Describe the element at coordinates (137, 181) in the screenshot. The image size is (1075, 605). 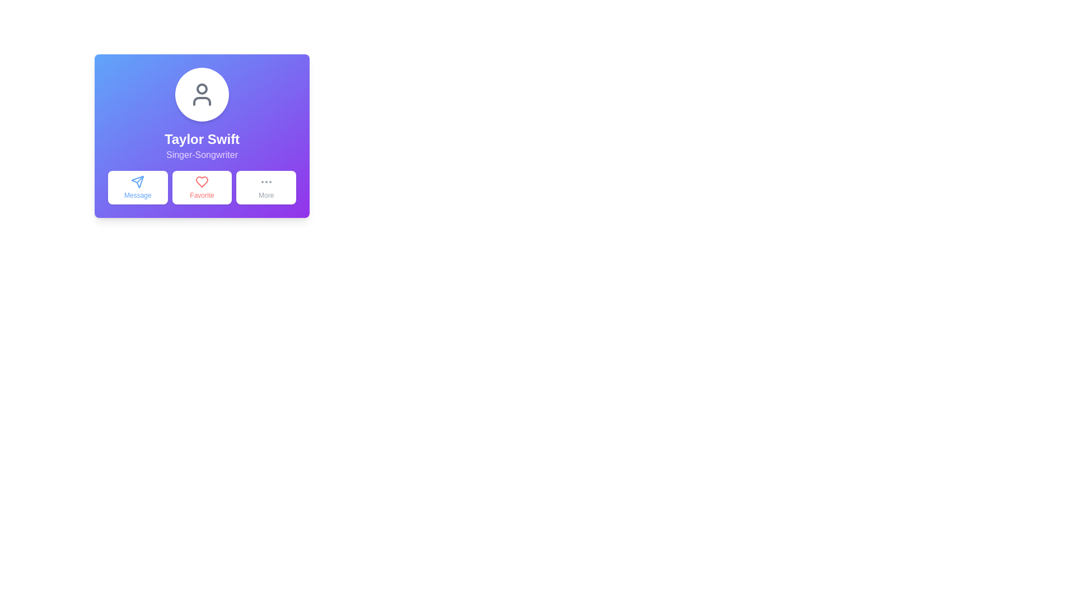
I see `the paper plane icon button labeled 'Message' located under the title 'Taylor Swift'` at that location.